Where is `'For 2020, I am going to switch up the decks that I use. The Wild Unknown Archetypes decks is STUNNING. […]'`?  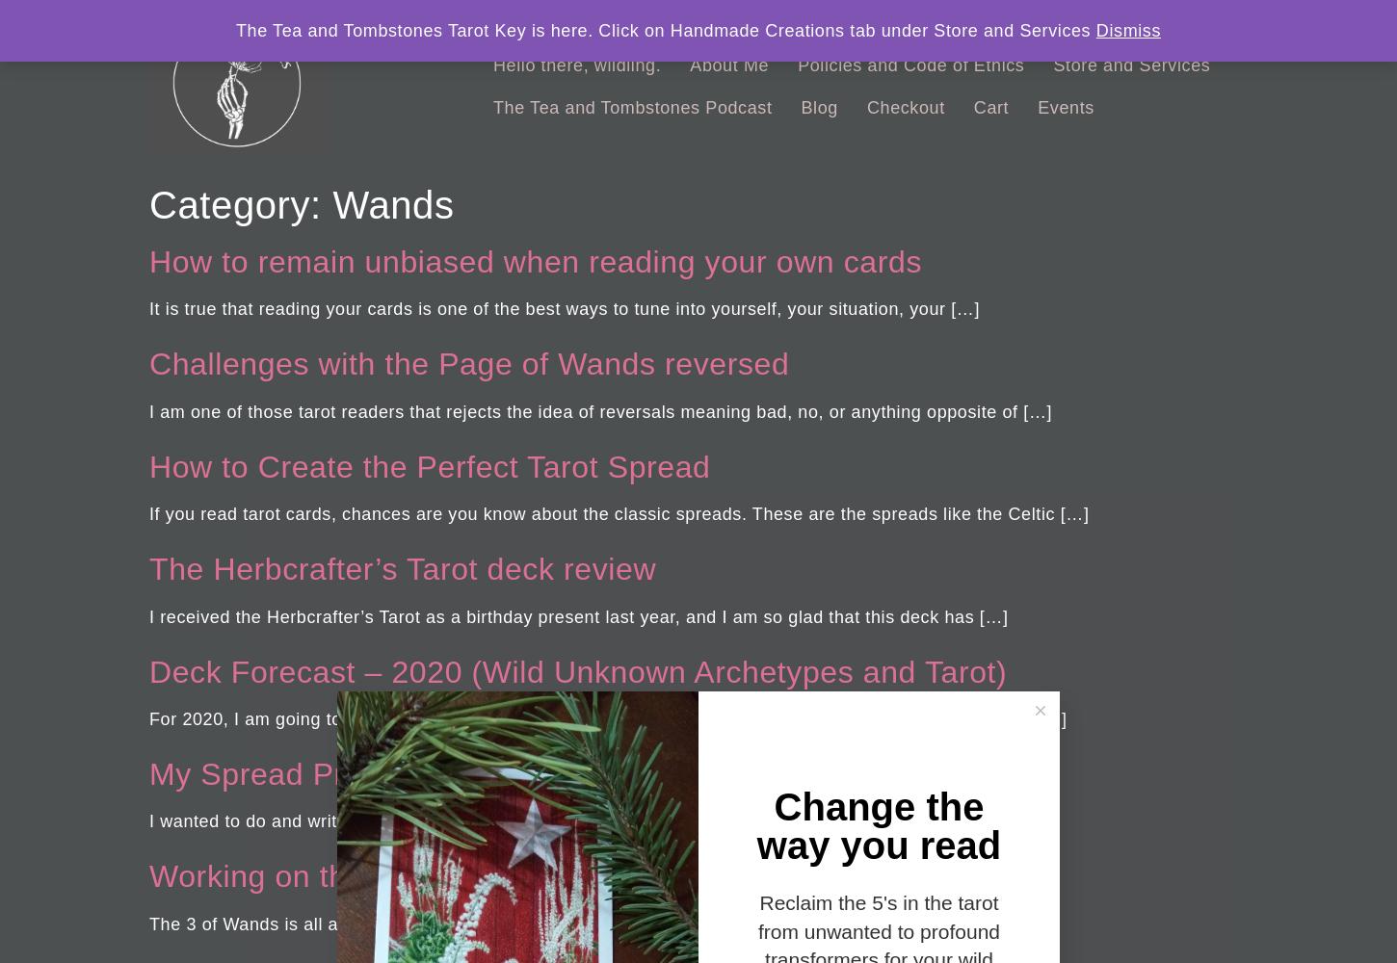 'For 2020, I am going to switch up the decks that I use. The Wild Unknown Archetypes decks is STUNNING. […]' is located at coordinates (607, 717).